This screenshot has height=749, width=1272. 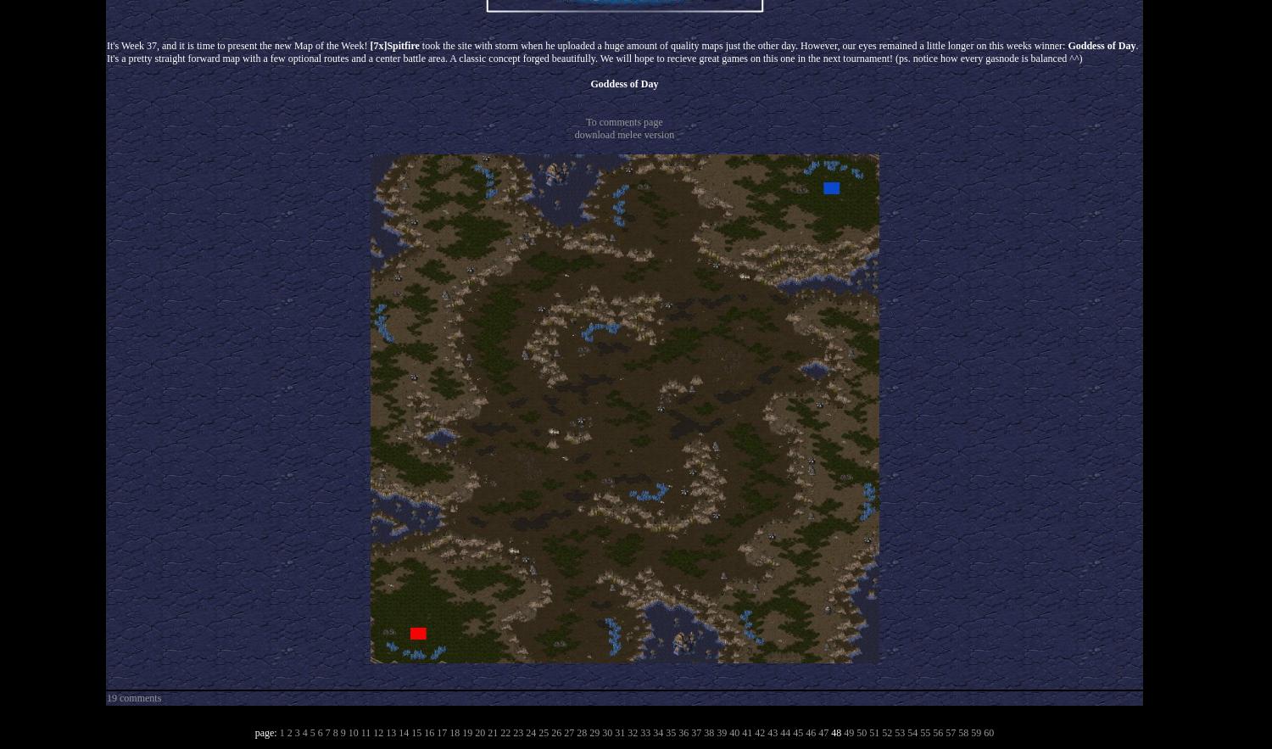 What do you see at coordinates (809, 732) in the screenshot?
I see `'46'` at bounding box center [809, 732].